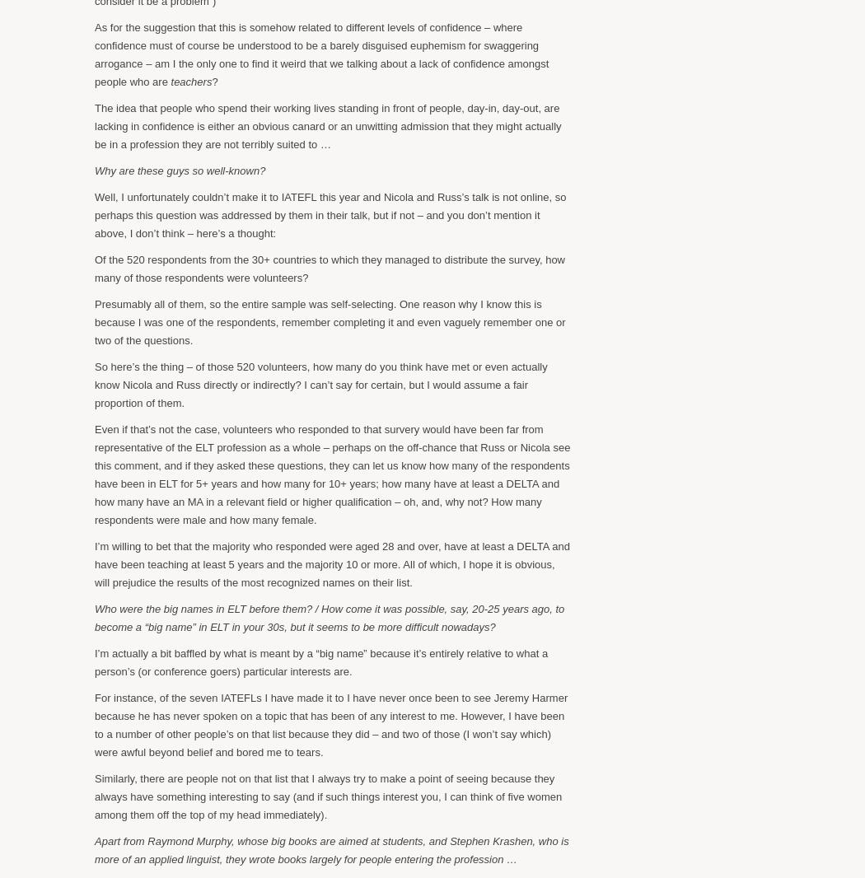 Image resolution: width=865 pixels, height=878 pixels. What do you see at coordinates (93, 384) in the screenshot?
I see `'So here’s the thing – of those 520 volunteers, how many do you think have met or even actually know Nicola and Russ directly or indirectly? I can’t say for certain, but I would assume a fair proportion of them.'` at bounding box center [93, 384].